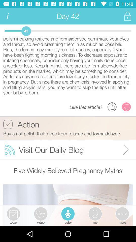  What do you see at coordinates (7, 16) in the screenshot?
I see `the icon next to day 42 app` at bounding box center [7, 16].